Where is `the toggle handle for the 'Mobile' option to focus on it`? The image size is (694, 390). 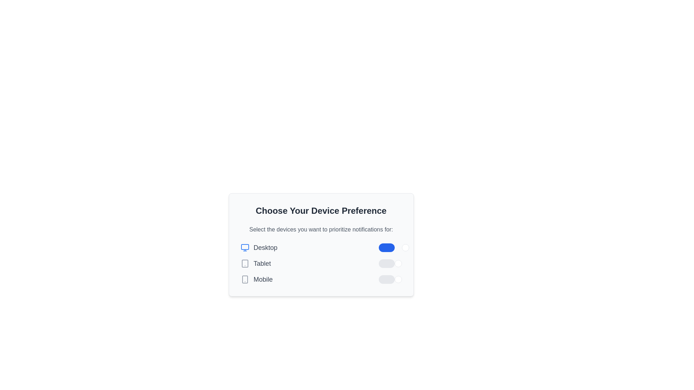 the toggle handle for the 'Mobile' option to focus on it is located at coordinates (398, 279).